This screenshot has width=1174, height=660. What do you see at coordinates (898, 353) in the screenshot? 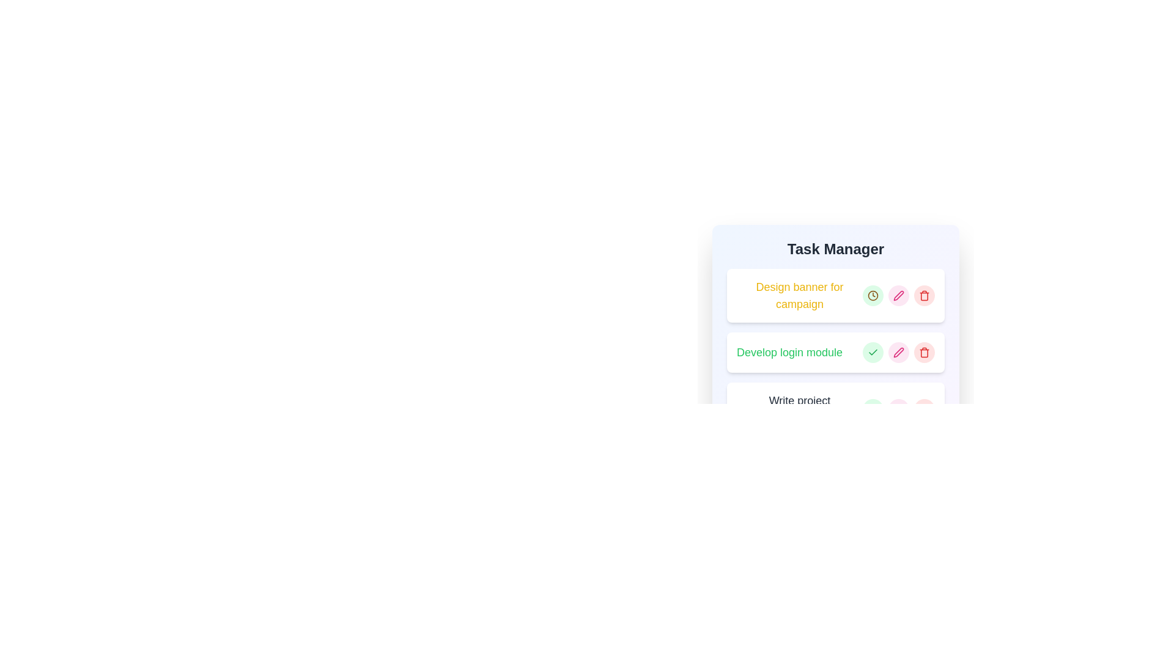
I see `the edit icon button located in the middle of a set of three circular buttons on a light pink background` at bounding box center [898, 353].